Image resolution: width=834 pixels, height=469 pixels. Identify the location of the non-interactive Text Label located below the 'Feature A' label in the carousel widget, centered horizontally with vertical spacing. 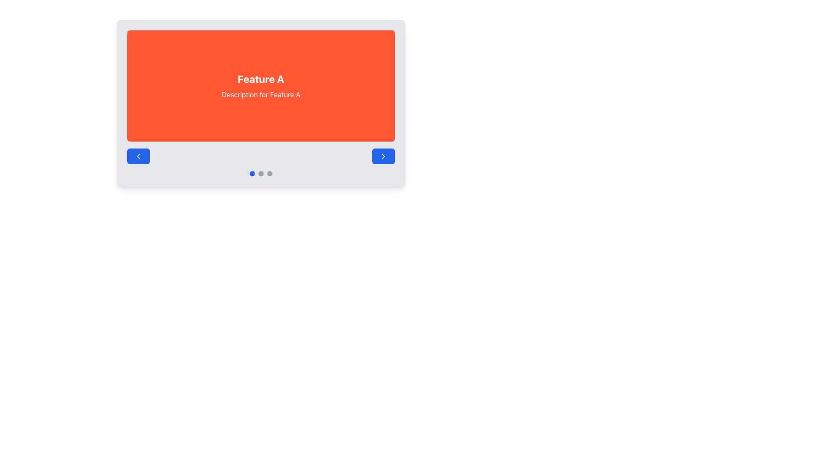
(260, 95).